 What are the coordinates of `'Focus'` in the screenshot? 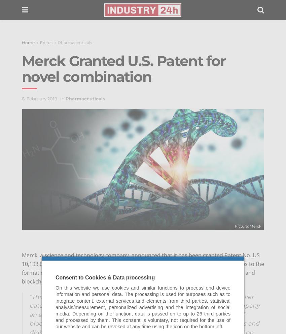 It's located at (46, 42).